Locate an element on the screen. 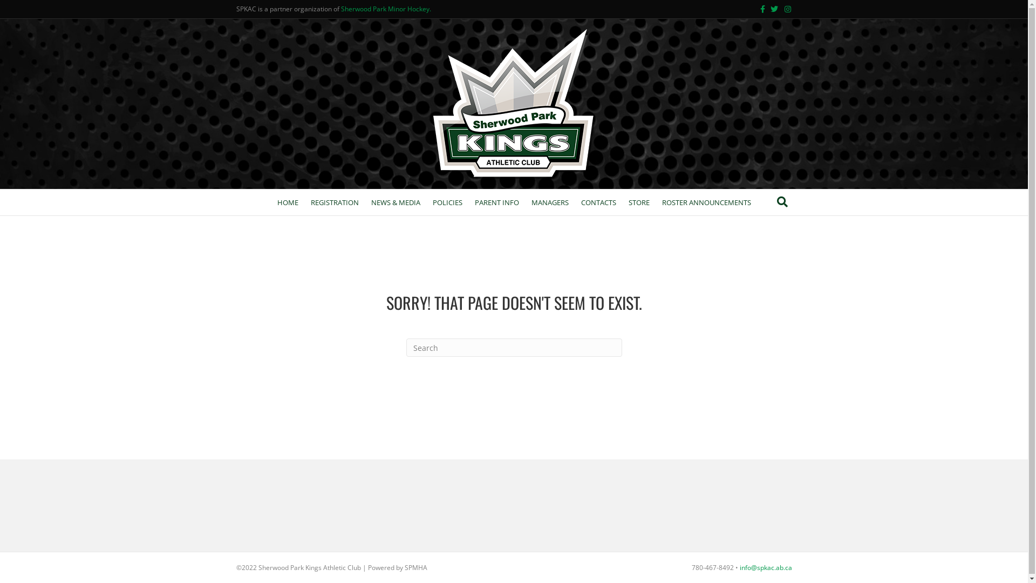 The image size is (1036, 583). 'STORE' is located at coordinates (638, 202).